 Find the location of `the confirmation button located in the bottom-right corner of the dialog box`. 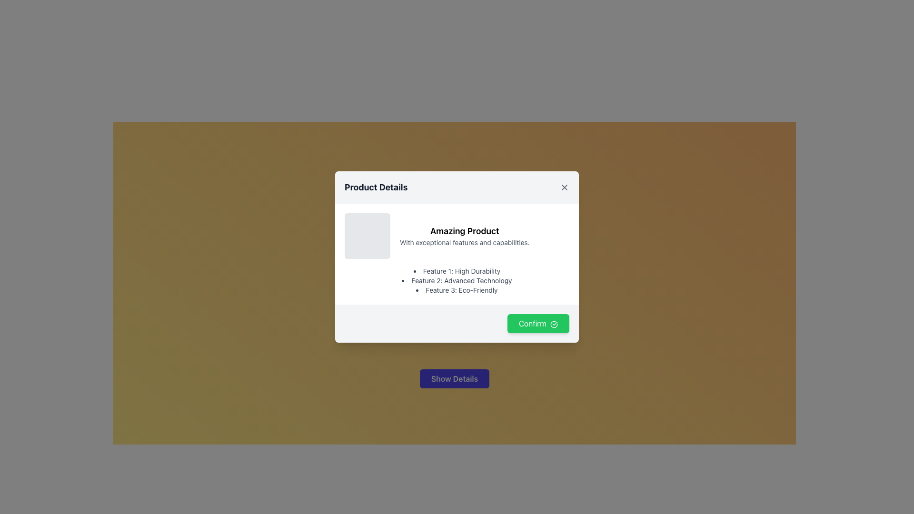

the confirmation button located in the bottom-right corner of the dialog box is located at coordinates (457, 323).